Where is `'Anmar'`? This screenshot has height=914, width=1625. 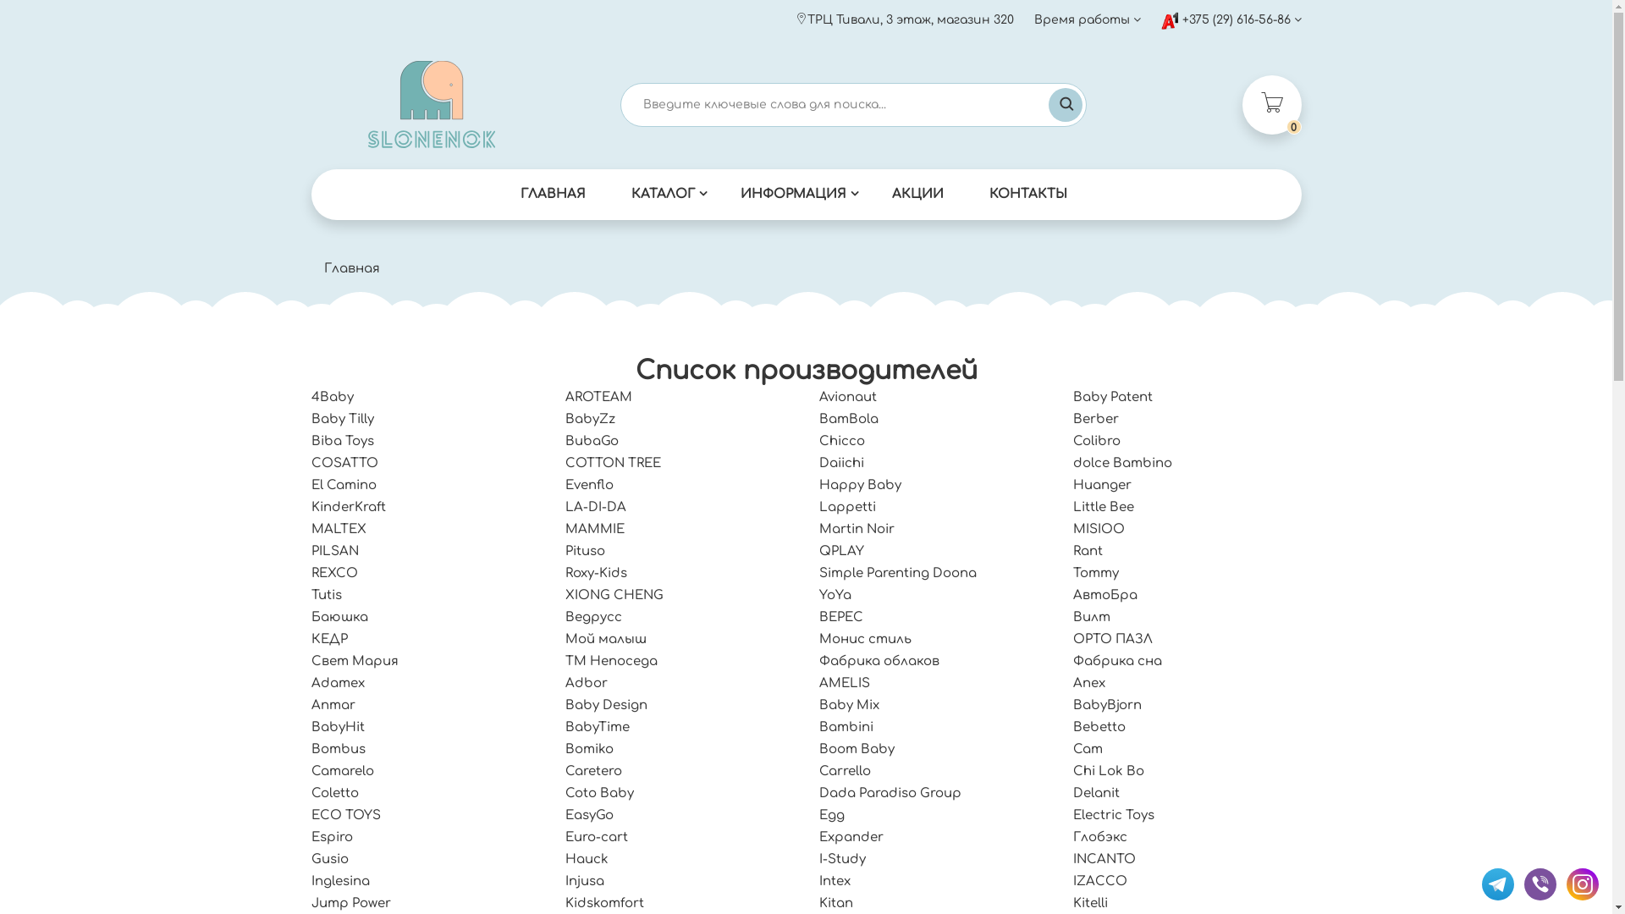
'Anmar' is located at coordinates (333, 705).